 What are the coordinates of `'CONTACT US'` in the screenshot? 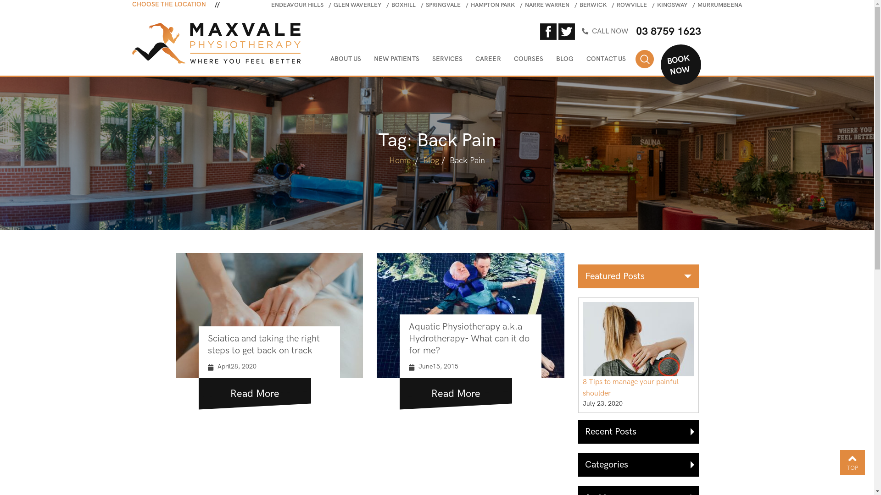 It's located at (585, 60).